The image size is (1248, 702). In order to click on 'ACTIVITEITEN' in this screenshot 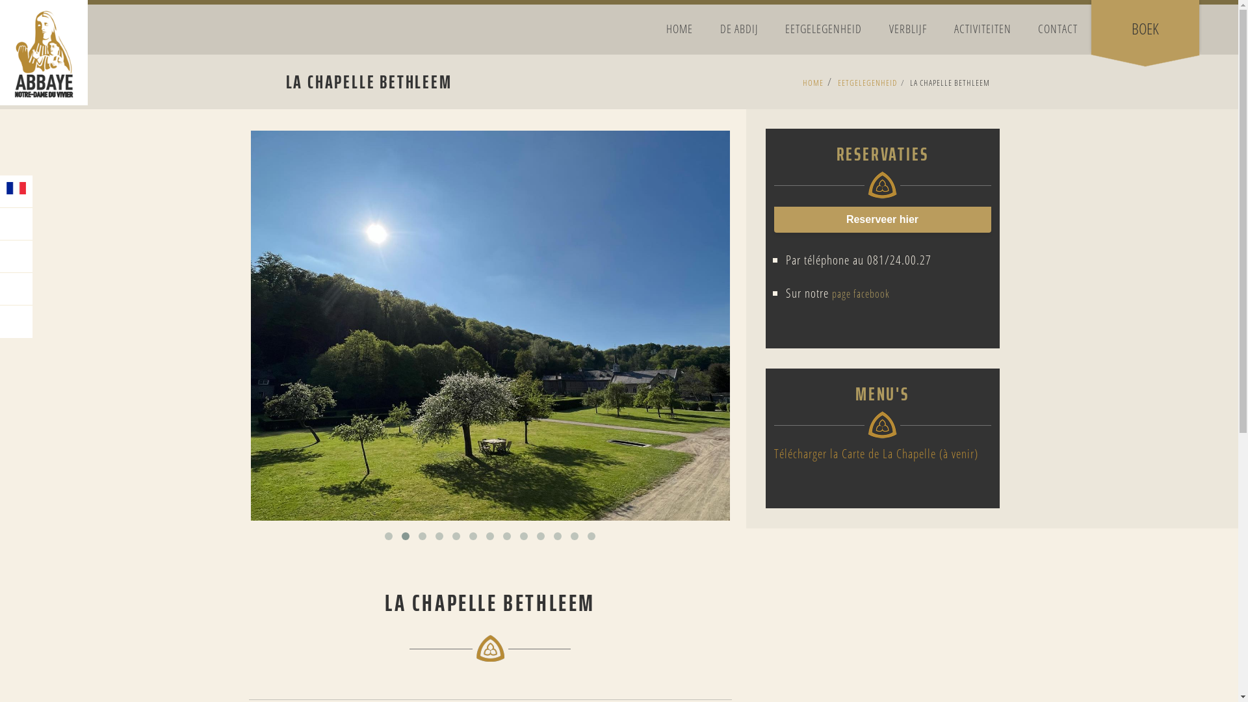, I will do `click(983, 28)`.